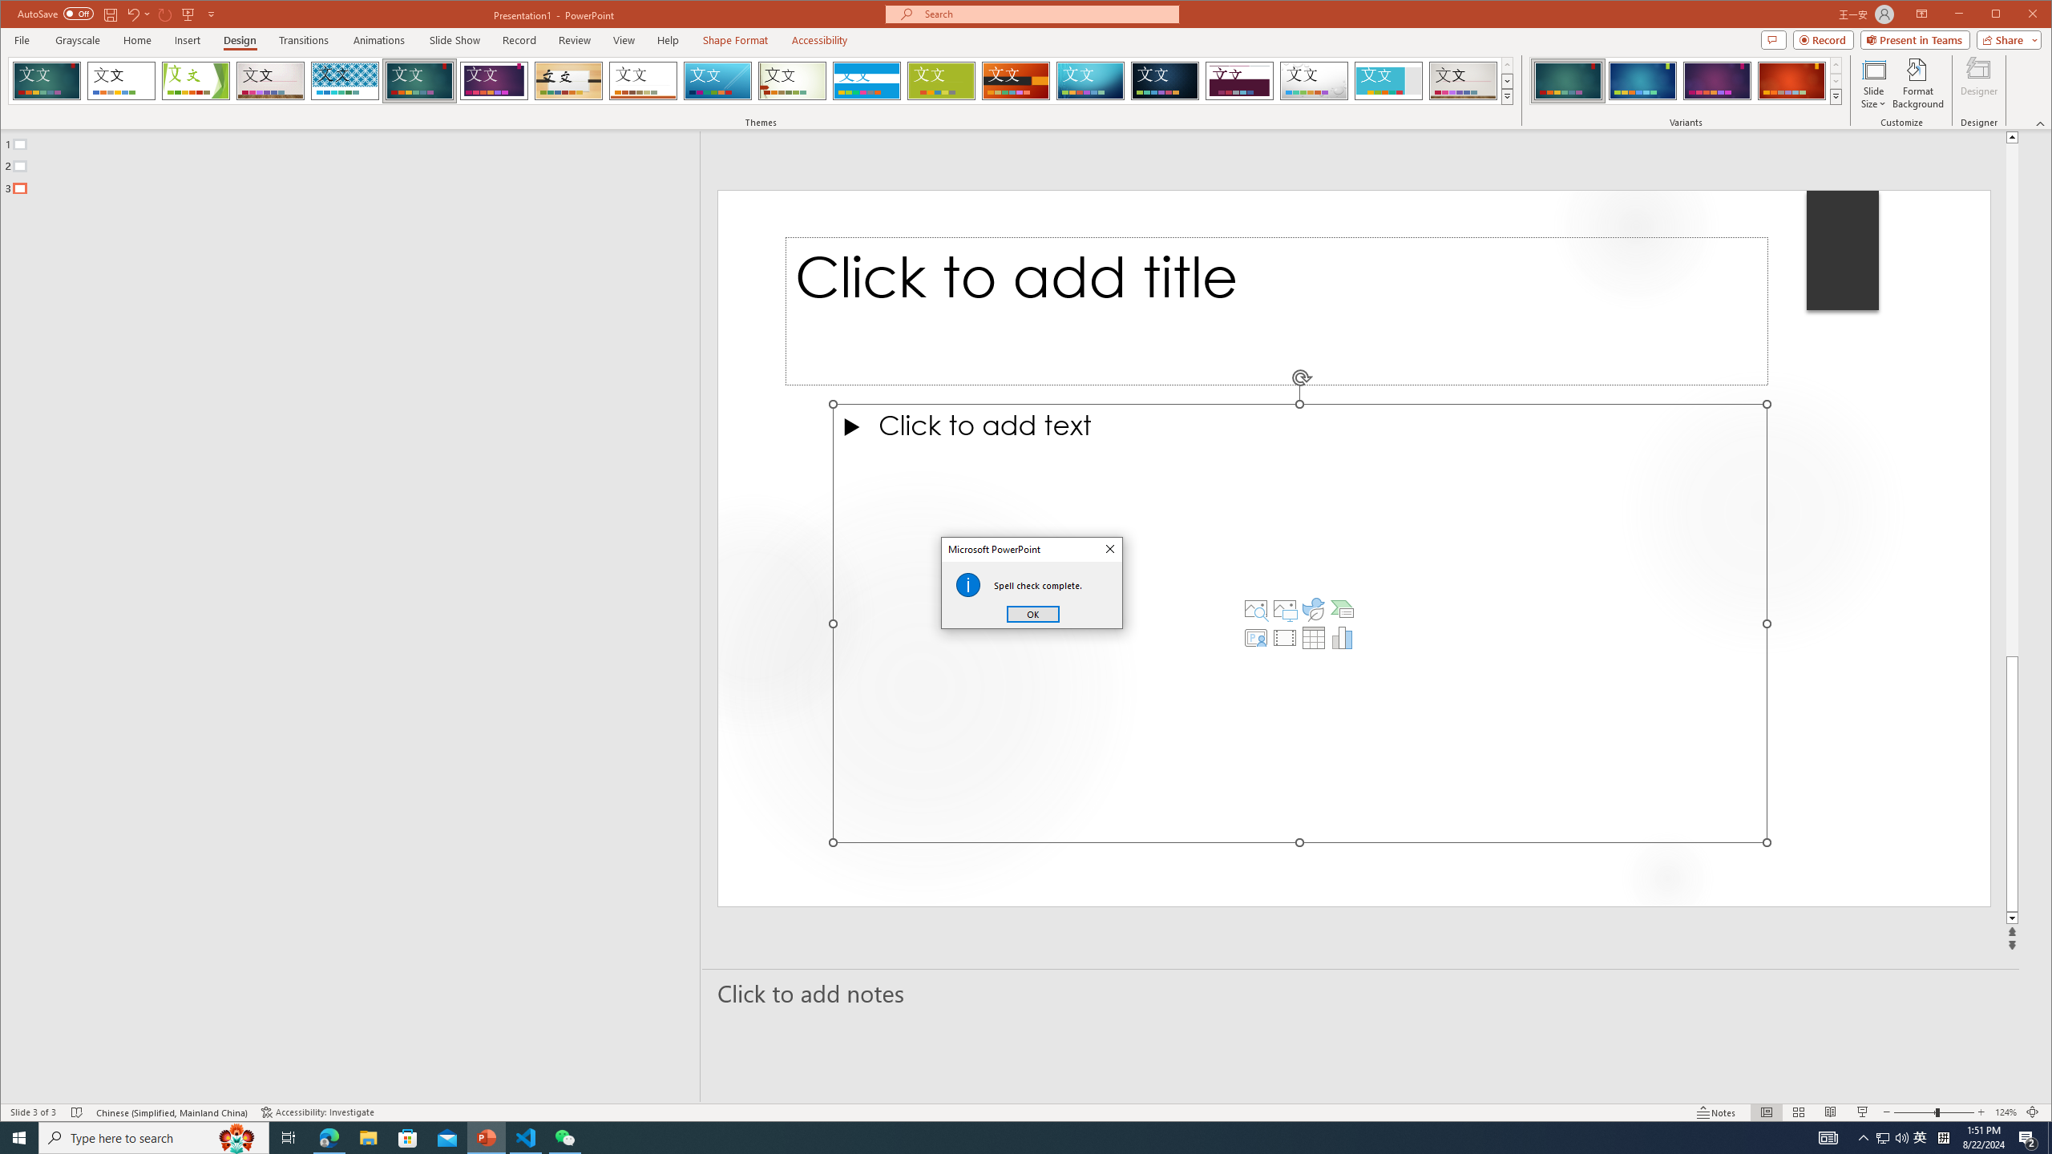 The width and height of the screenshot is (2052, 1154). Describe the element at coordinates (1016, 80) in the screenshot. I see `'Berlin'` at that location.